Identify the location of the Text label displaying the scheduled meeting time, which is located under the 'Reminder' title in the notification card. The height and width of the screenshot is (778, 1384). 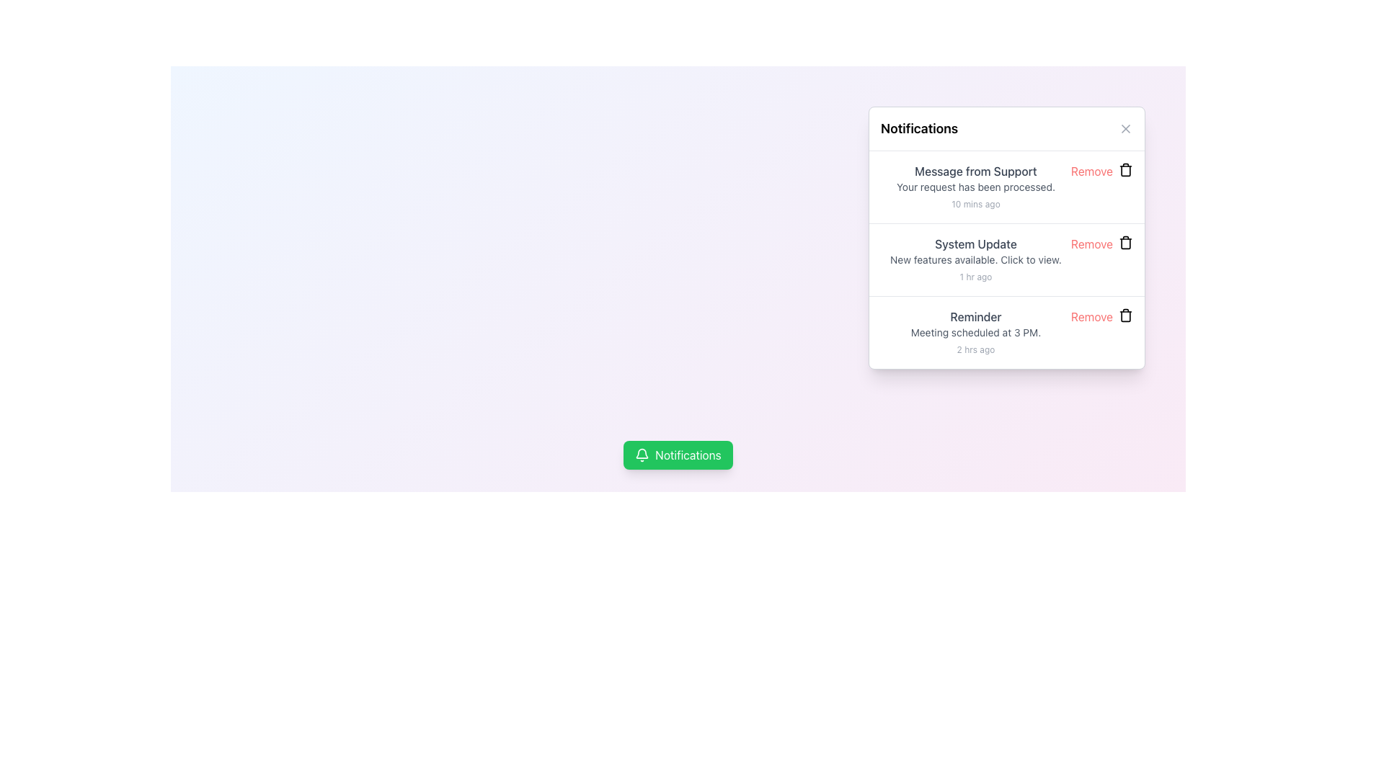
(975, 333).